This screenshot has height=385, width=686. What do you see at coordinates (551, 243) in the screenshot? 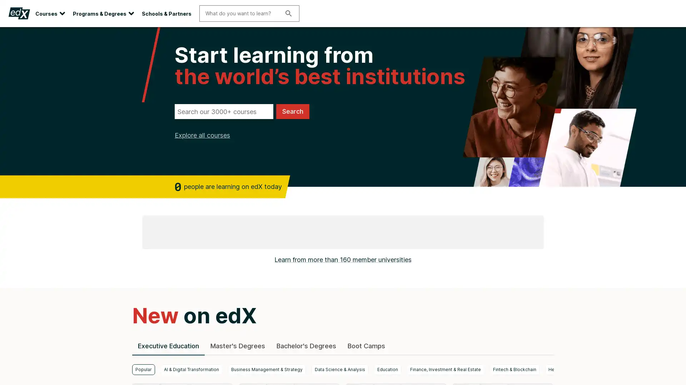
I see `next` at bounding box center [551, 243].